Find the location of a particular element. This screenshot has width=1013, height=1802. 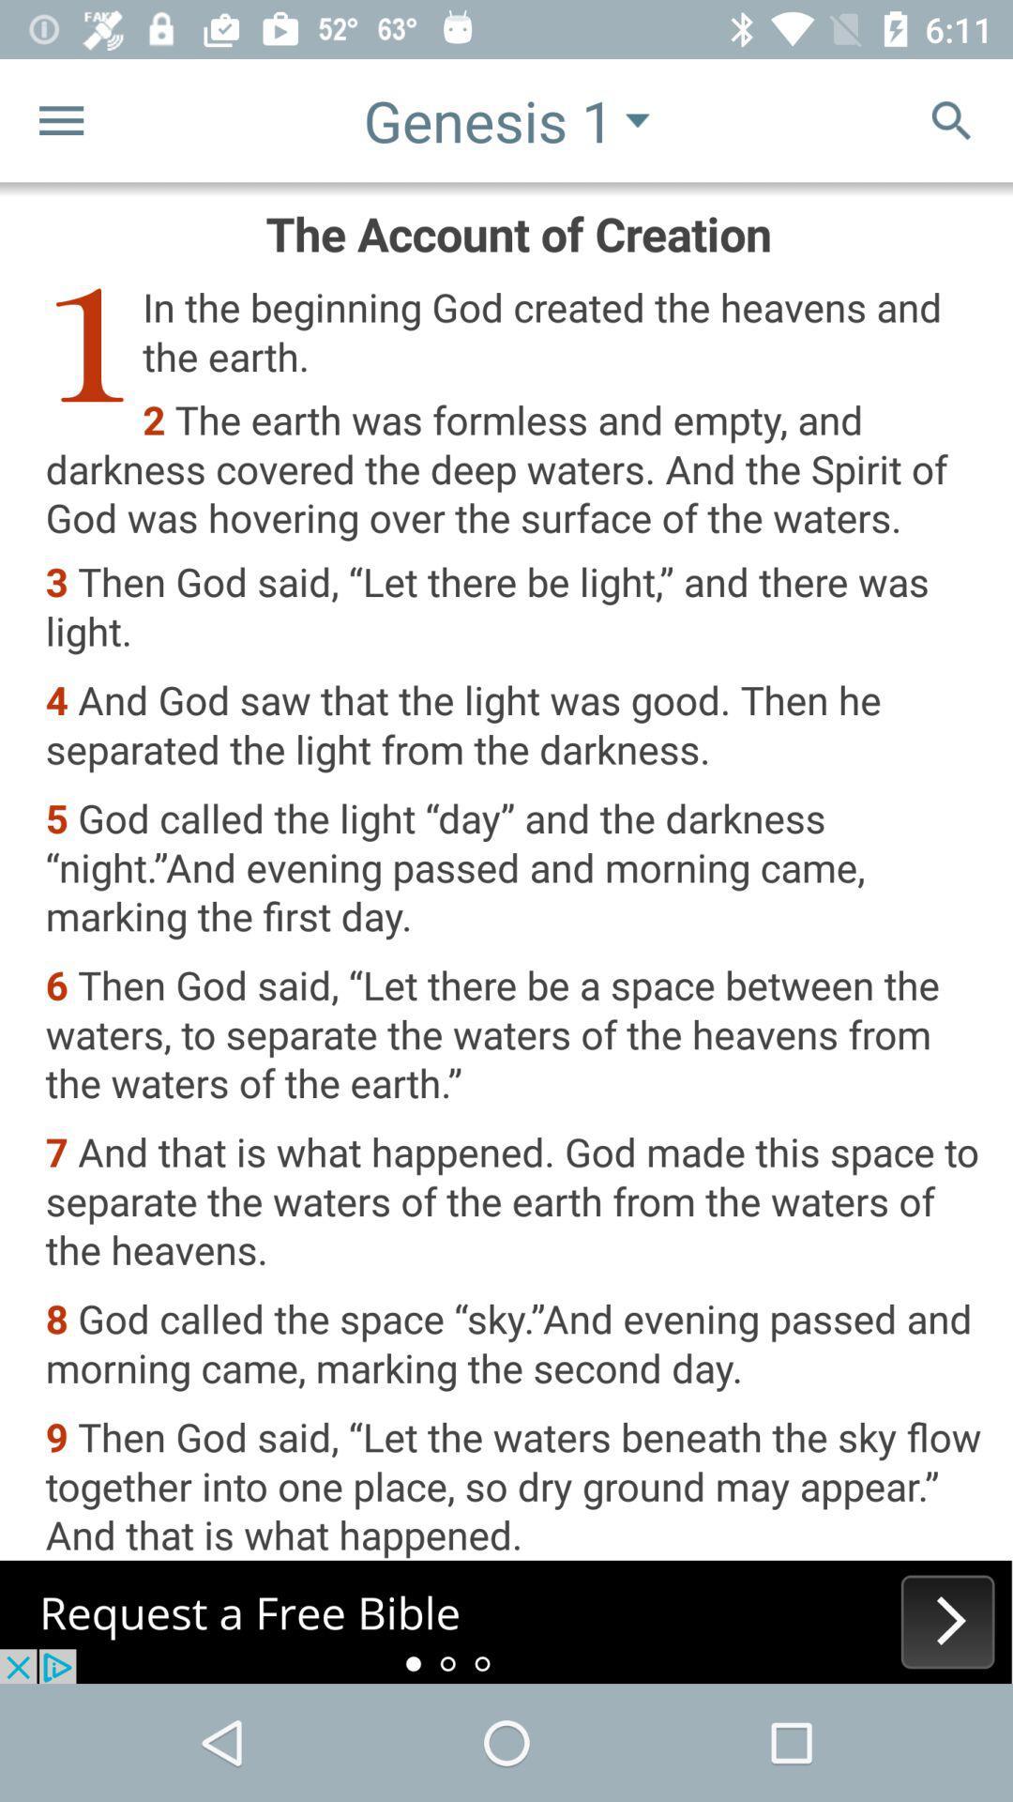

the search icon is located at coordinates (951, 119).